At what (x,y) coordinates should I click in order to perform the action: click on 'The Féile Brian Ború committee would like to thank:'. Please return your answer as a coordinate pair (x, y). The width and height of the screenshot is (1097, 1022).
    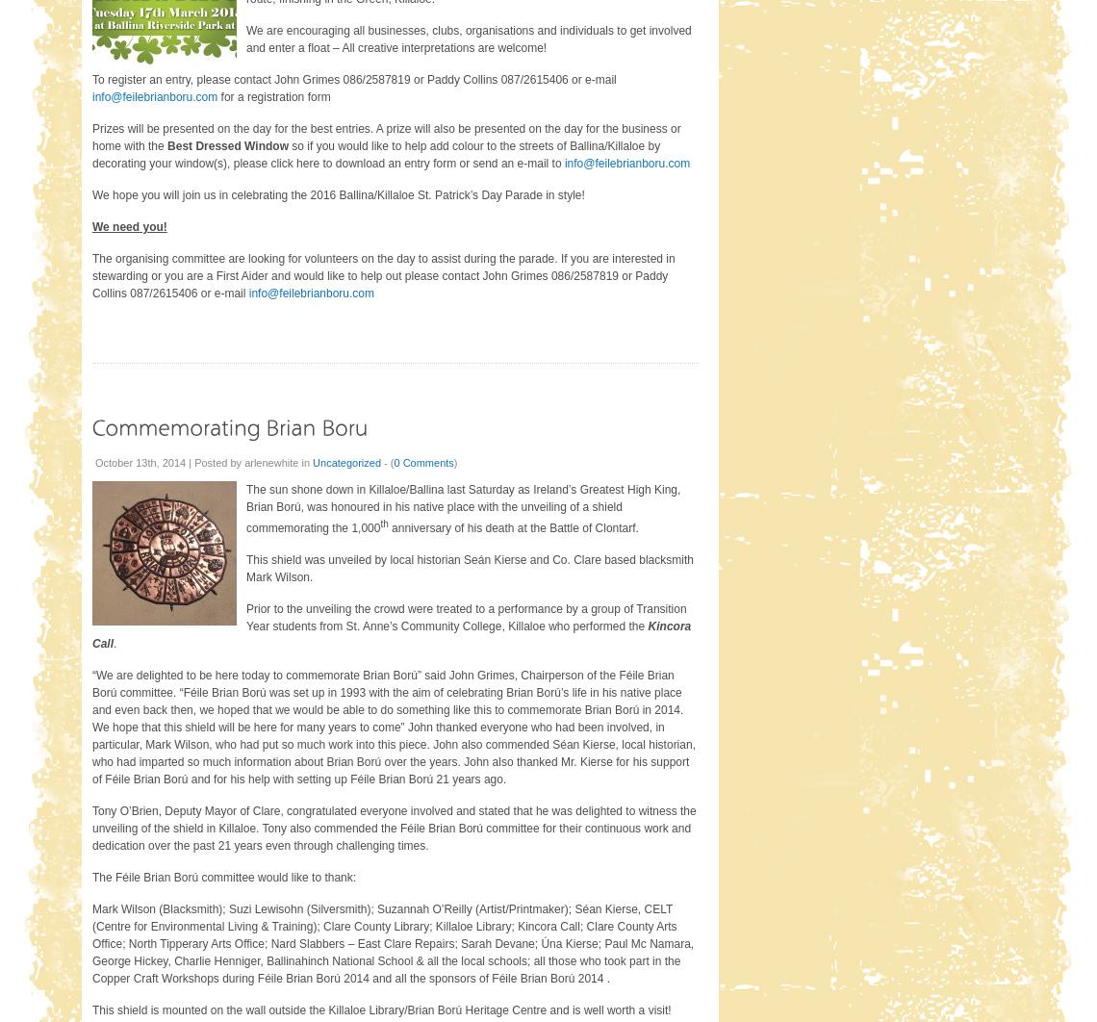
    Looking at the image, I should click on (90, 875).